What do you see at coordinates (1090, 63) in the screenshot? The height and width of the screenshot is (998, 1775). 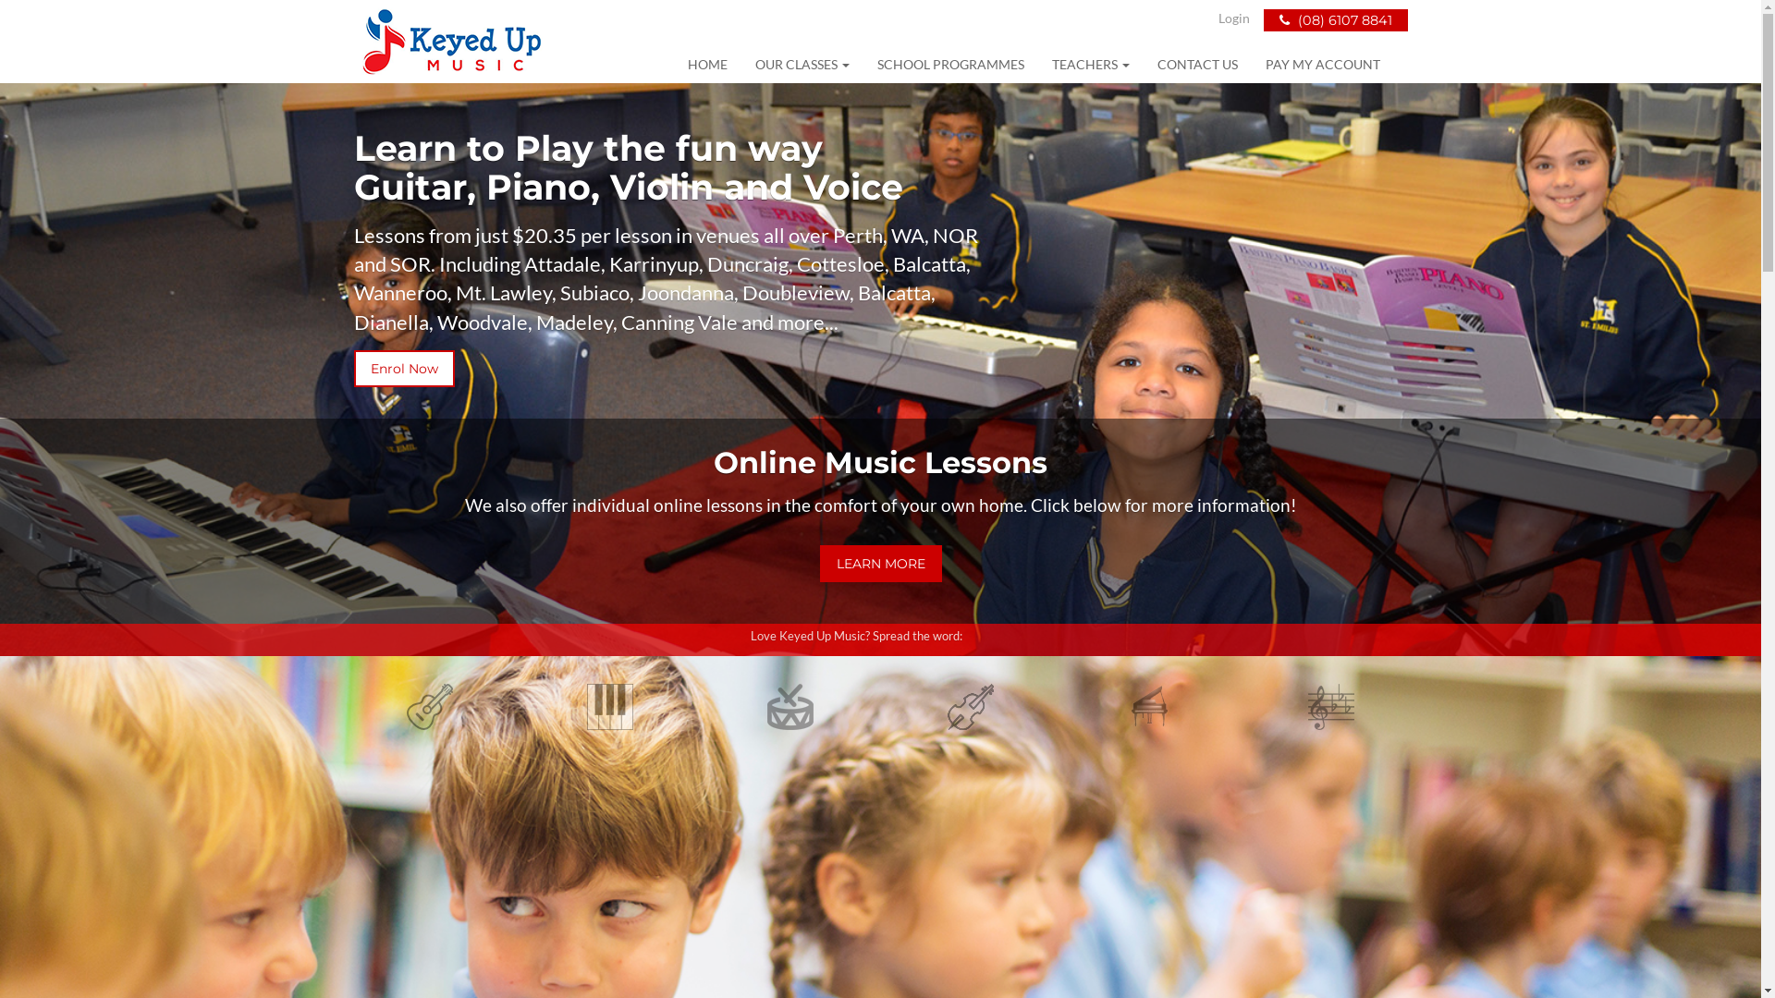 I see `'TEACHERS'` at bounding box center [1090, 63].